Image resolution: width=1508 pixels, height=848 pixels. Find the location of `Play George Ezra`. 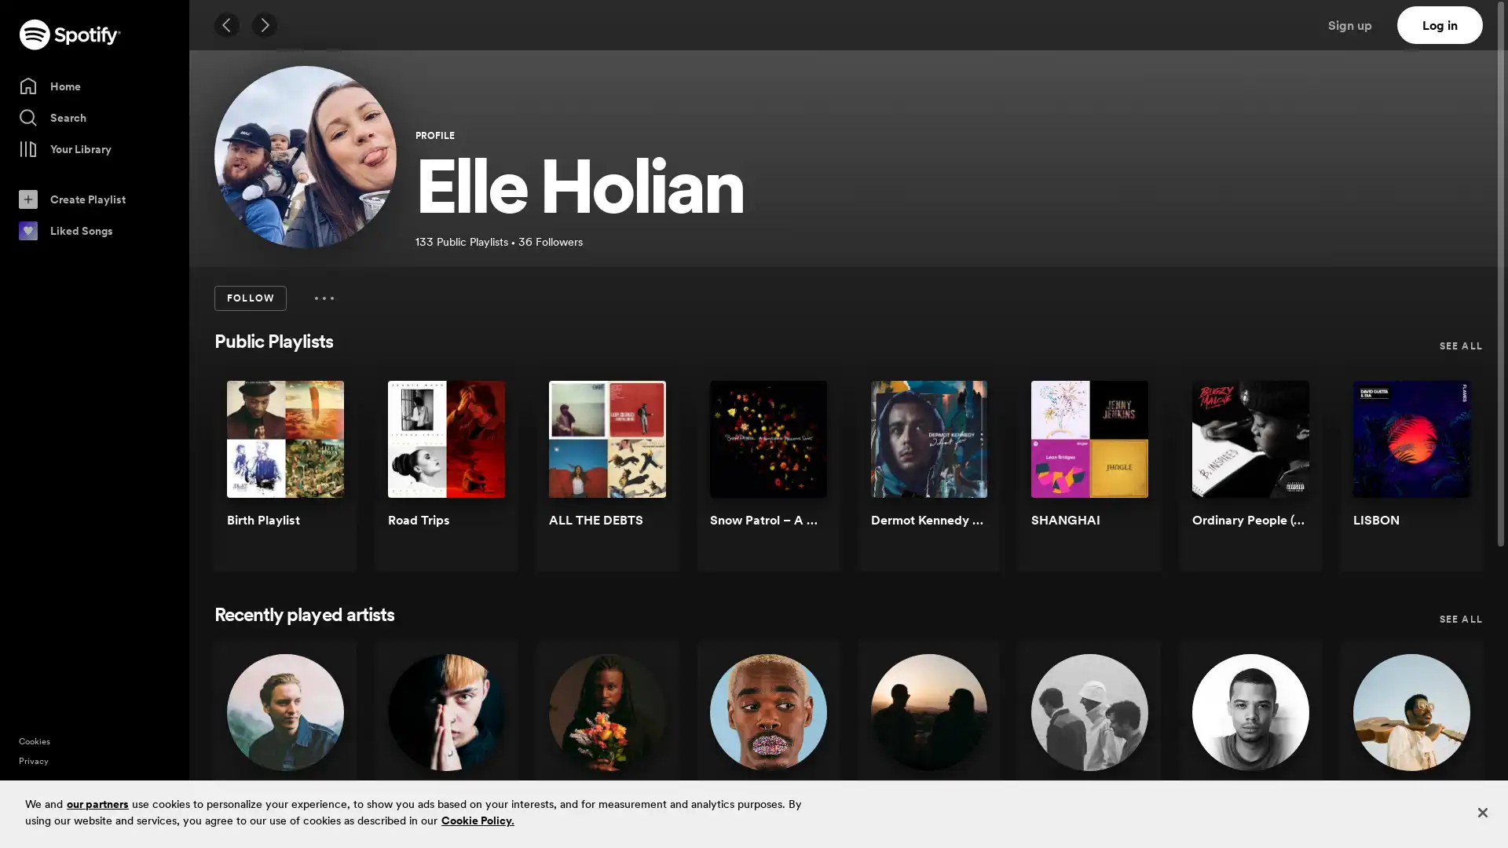

Play George Ezra is located at coordinates (317, 750).